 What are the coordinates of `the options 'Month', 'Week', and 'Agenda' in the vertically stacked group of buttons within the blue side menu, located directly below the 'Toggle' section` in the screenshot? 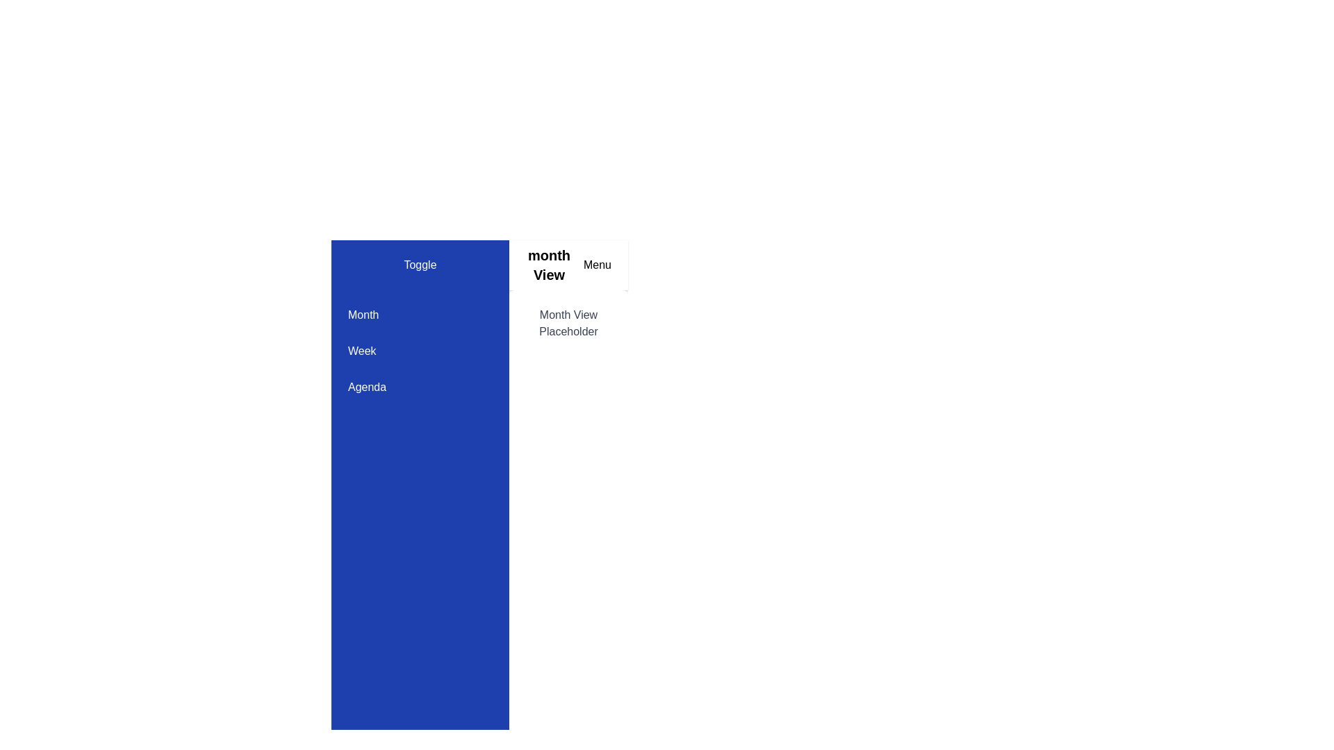 It's located at (419, 350).